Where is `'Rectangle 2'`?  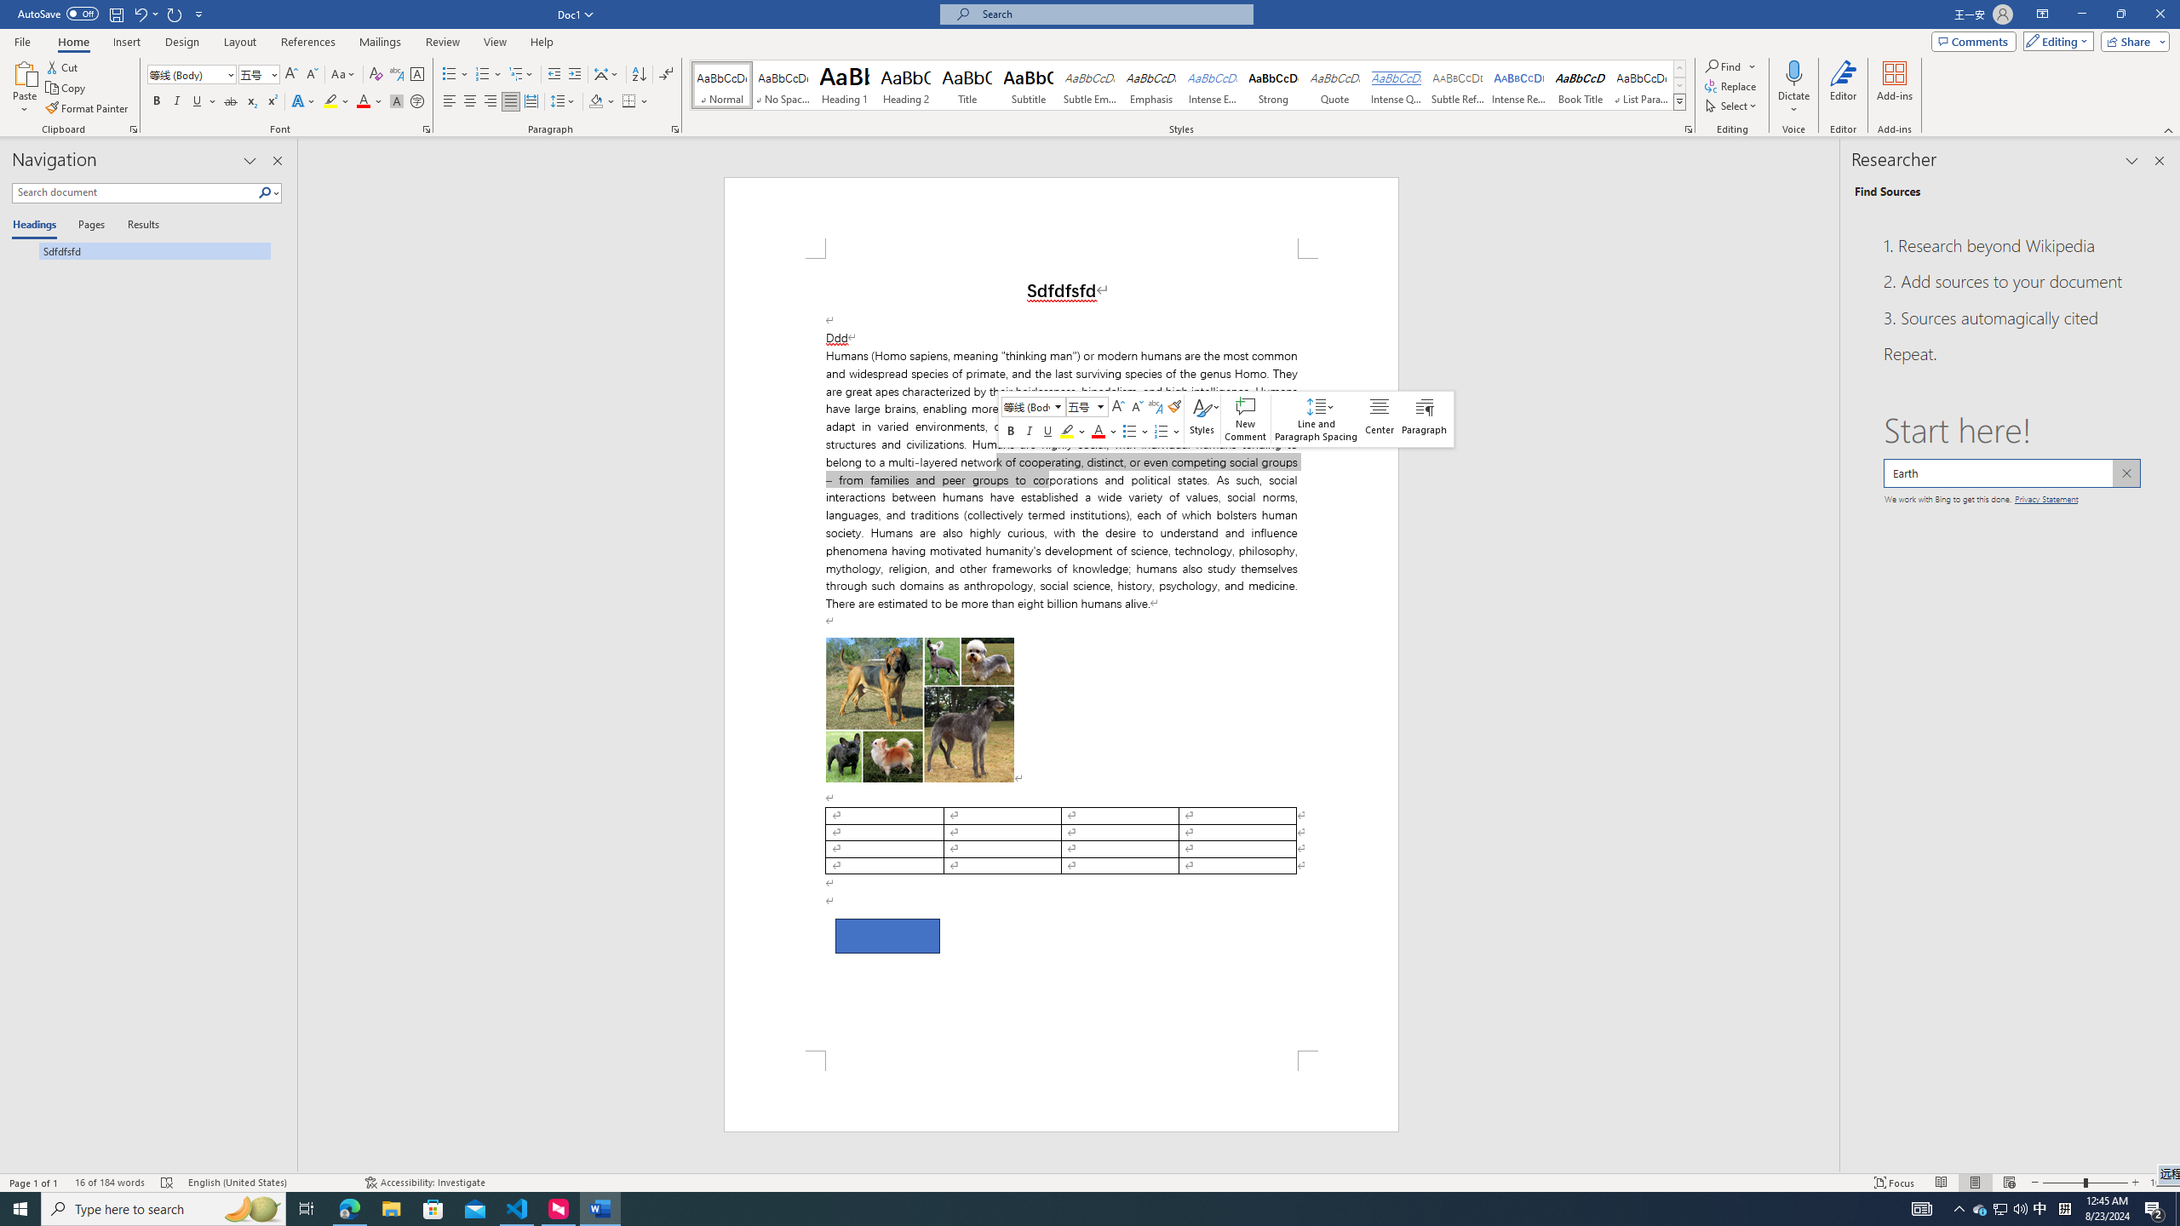 'Rectangle 2' is located at coordinates (886, 936).